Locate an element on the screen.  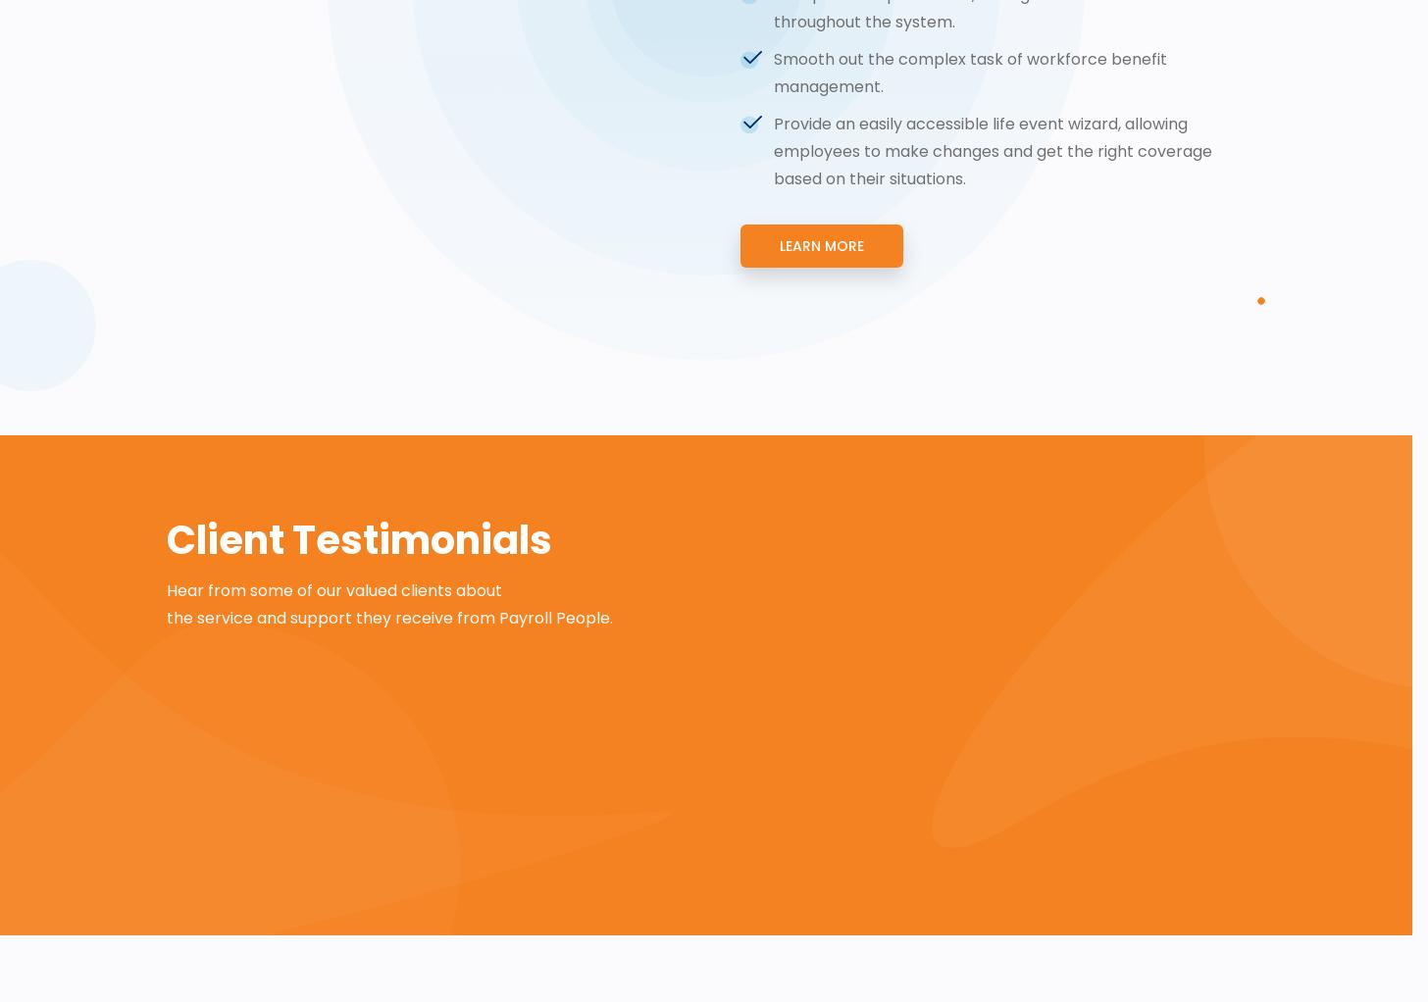
'ACA Compliance' is located at coordinates (332, 303).